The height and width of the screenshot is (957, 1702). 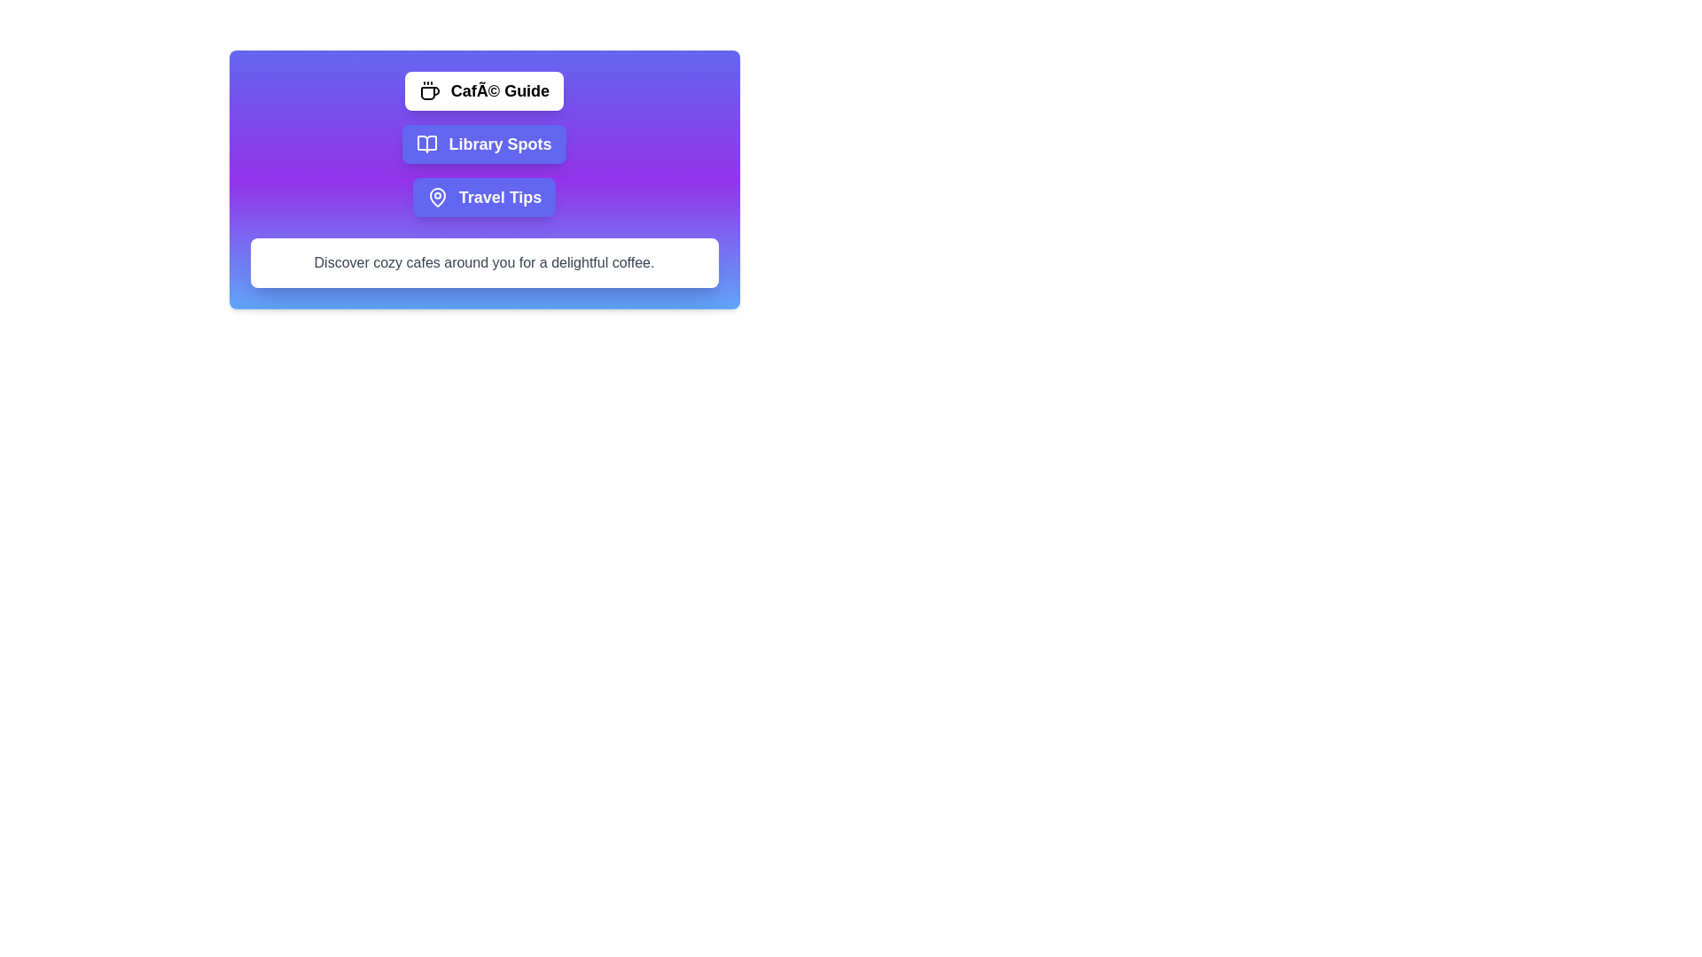 What do you see at coordinates (484, 143) in the screenshot?
I see `the tab labeled 'Library Spots' to view its content` at bounding box center [484, 143].